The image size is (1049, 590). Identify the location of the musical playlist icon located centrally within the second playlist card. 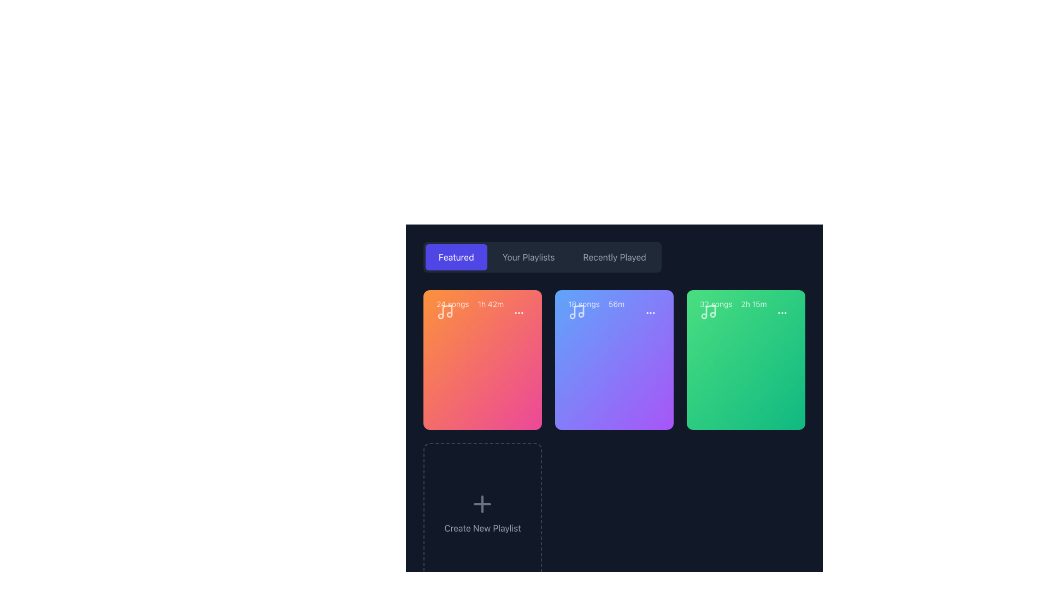
(579, 311).